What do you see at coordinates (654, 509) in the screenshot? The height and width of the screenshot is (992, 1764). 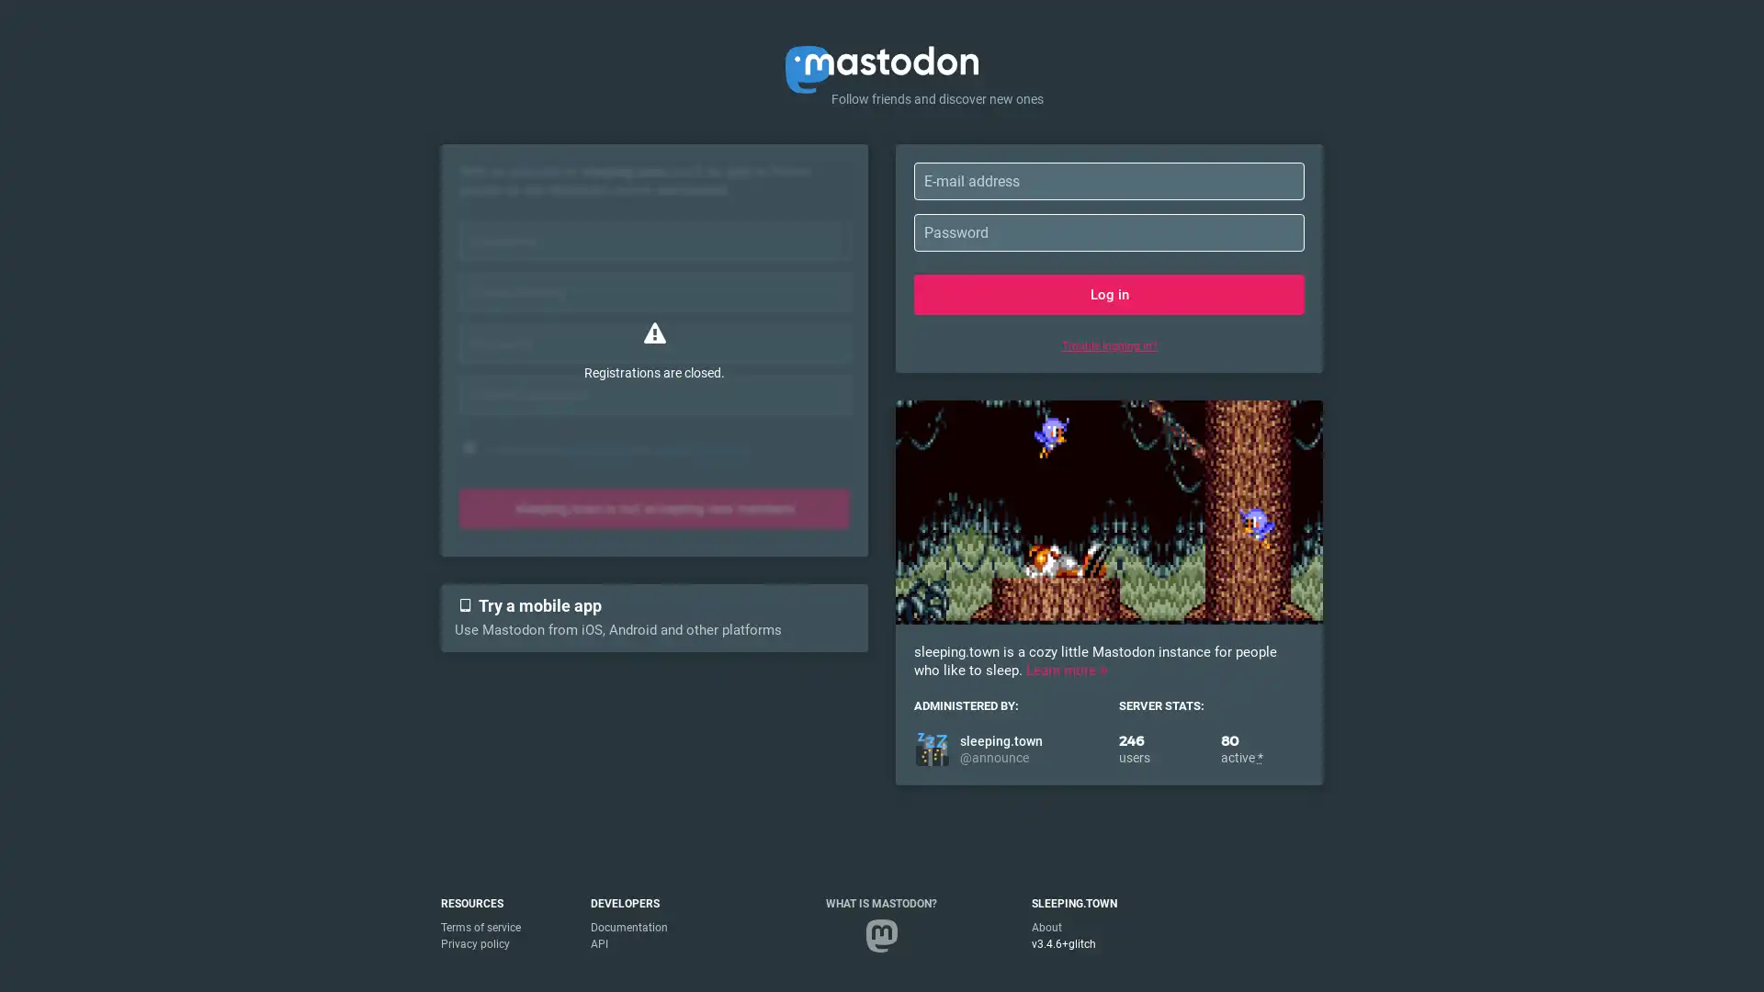 I see `sleeping.town is not accepting new members` at bounding box center [654, 509].